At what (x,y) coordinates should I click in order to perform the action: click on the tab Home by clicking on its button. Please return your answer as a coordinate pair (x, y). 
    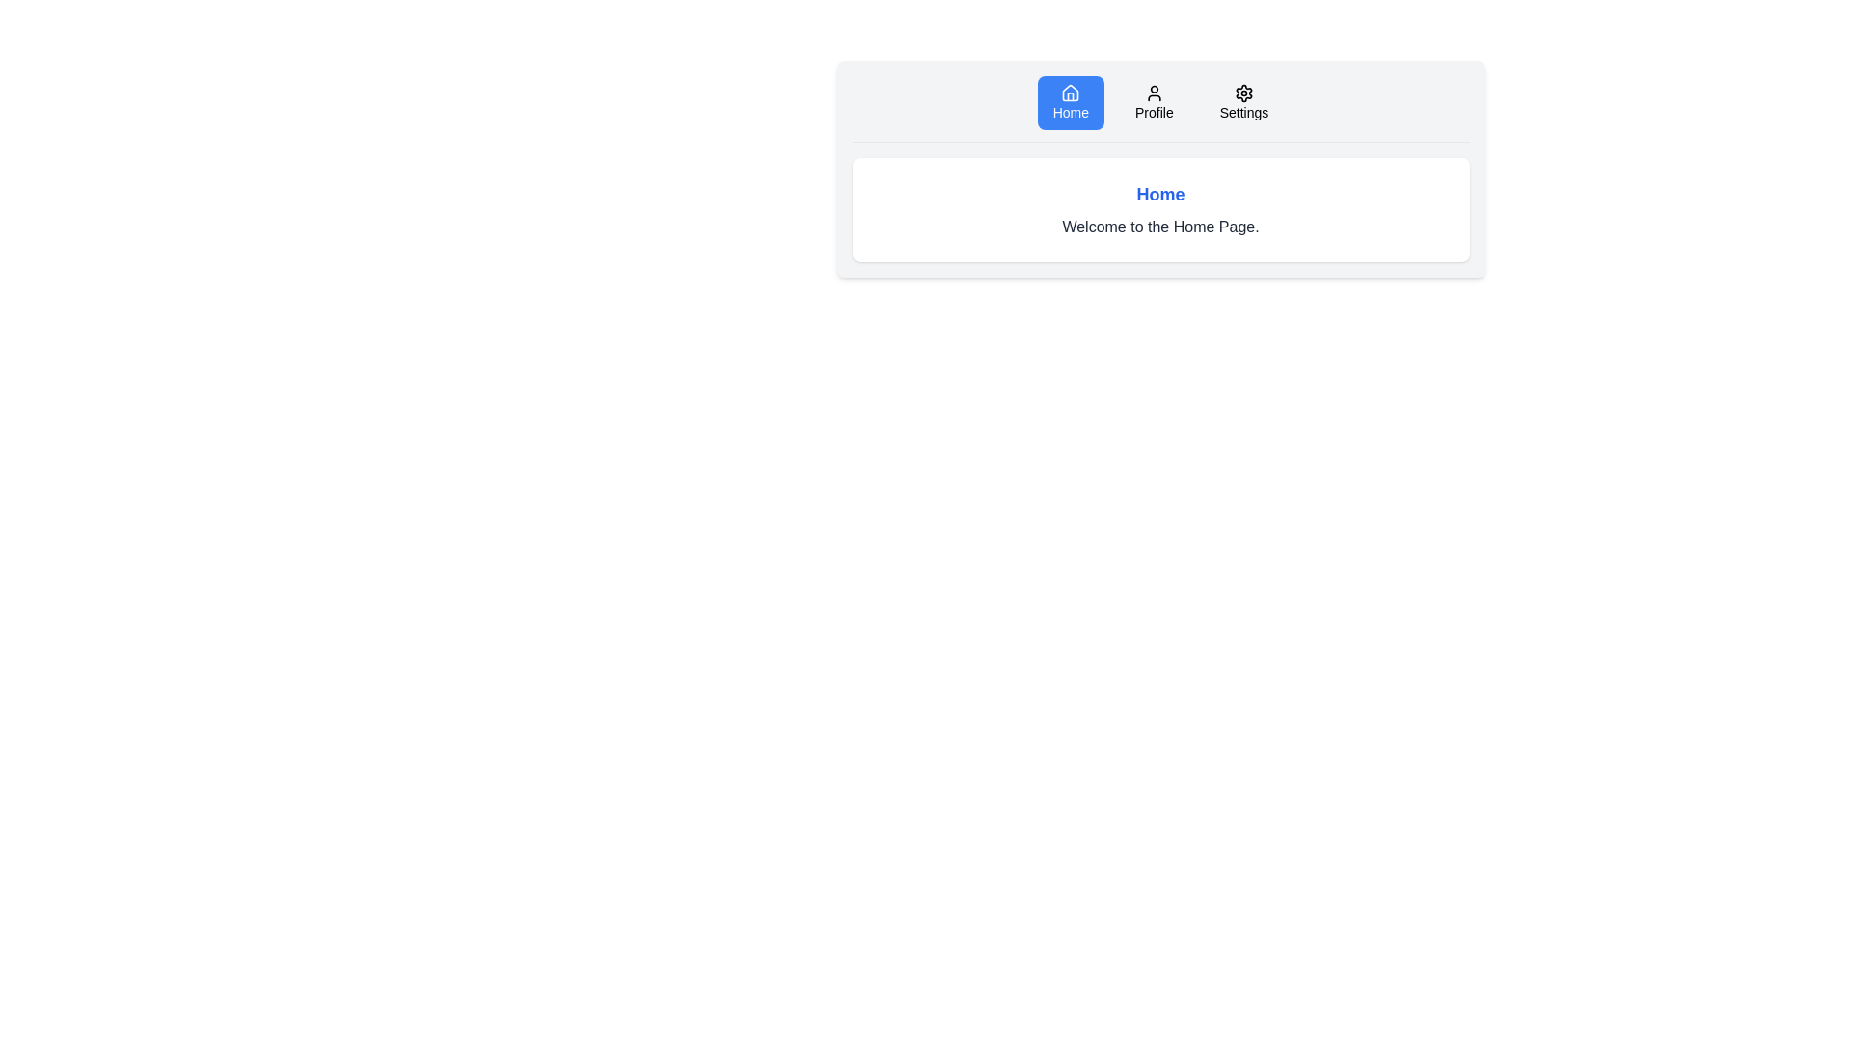
    Looking at the image, I should click on (1069, 103).